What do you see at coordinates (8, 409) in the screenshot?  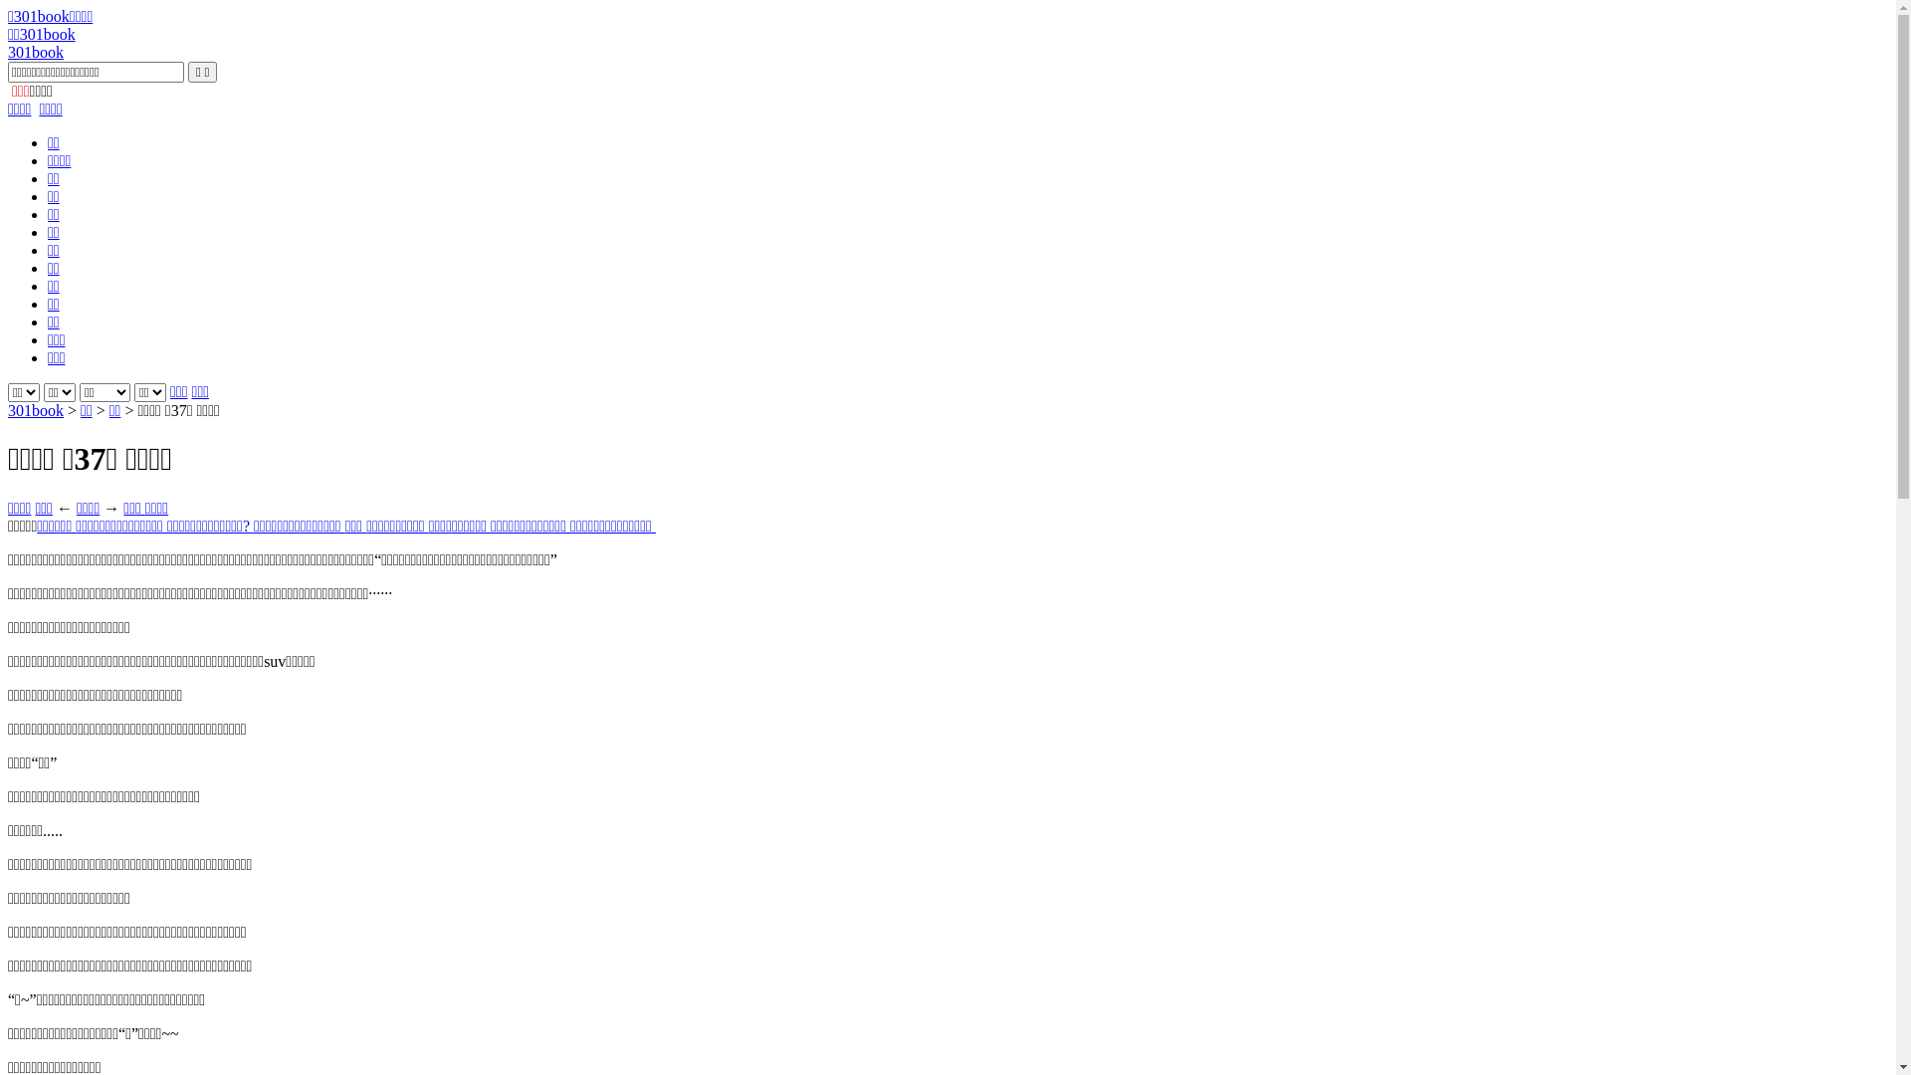 I see `'301book'` at bounding box center [8, 409].